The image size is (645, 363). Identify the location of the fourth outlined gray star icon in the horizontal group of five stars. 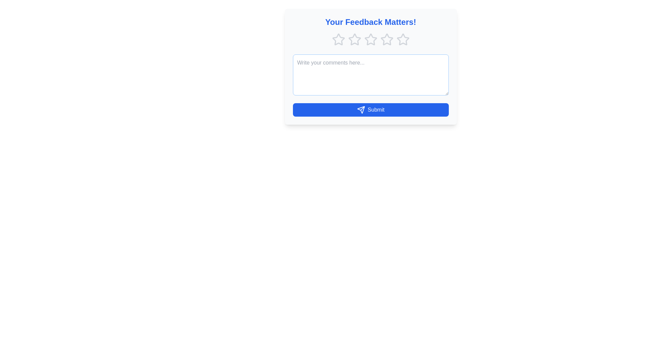
(387, 40).